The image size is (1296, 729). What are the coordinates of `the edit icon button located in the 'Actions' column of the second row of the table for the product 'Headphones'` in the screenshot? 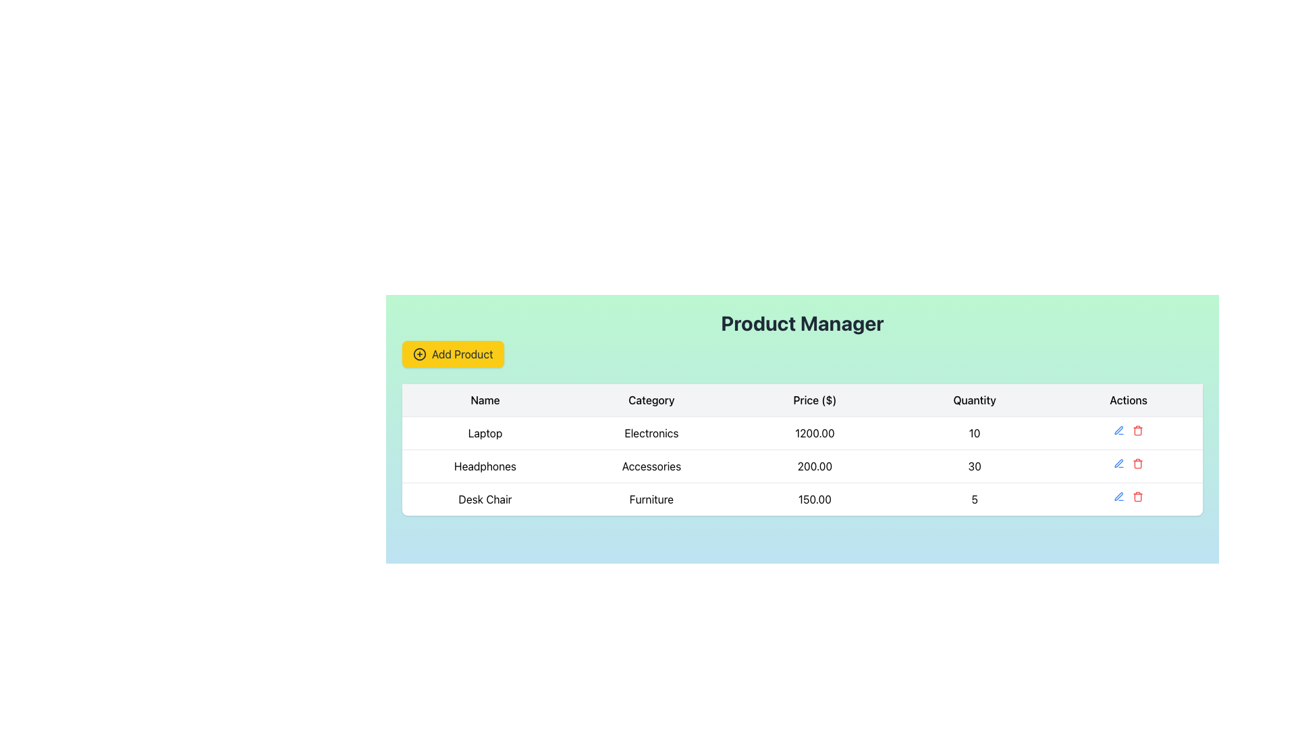 It's located at (1118, 462).